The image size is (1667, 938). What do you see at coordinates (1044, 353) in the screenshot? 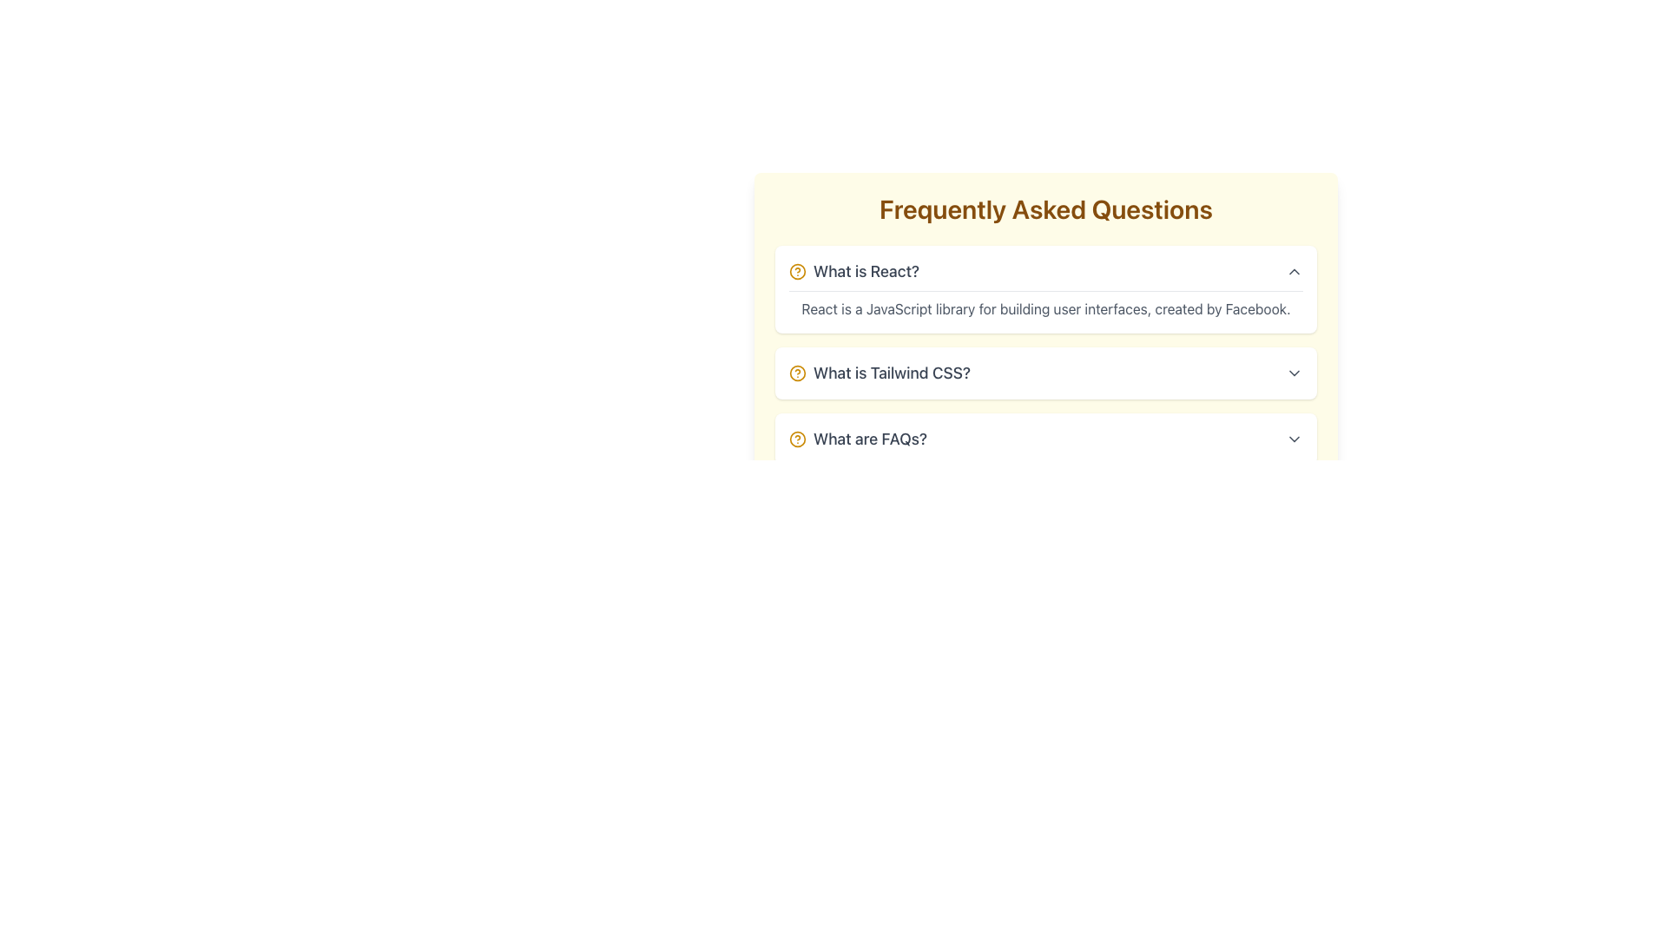
I see `the second section of the Accordion item containing FAQ items` at bounding box center [1044, 353].